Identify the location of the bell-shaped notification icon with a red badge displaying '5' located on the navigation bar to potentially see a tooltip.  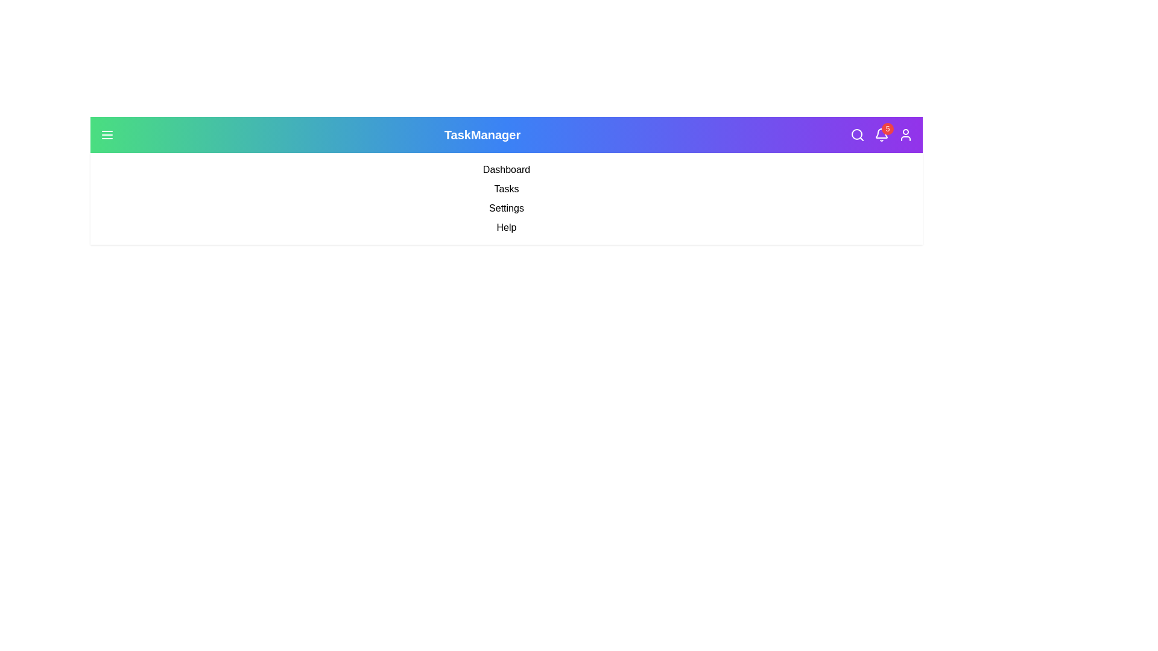
(881, 134).